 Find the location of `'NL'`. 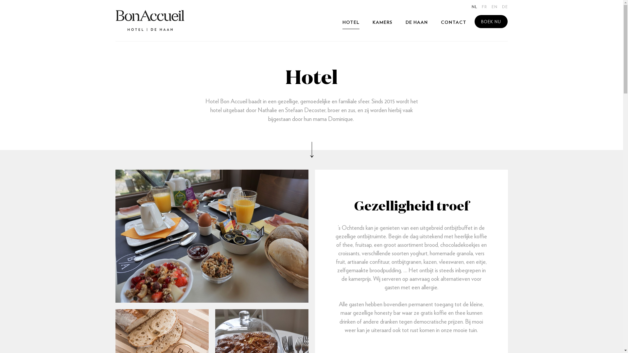

'NL' is located at coordinates (474, 7).